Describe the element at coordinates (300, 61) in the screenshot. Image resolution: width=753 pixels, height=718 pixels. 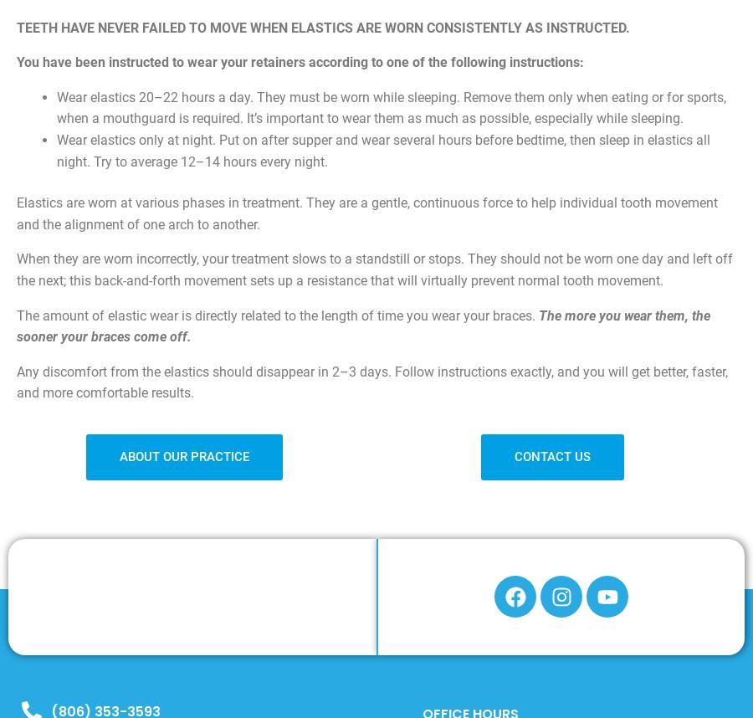
I see `'You have been instructed to wear your retainers according to one of the following instructions:'` at that location.